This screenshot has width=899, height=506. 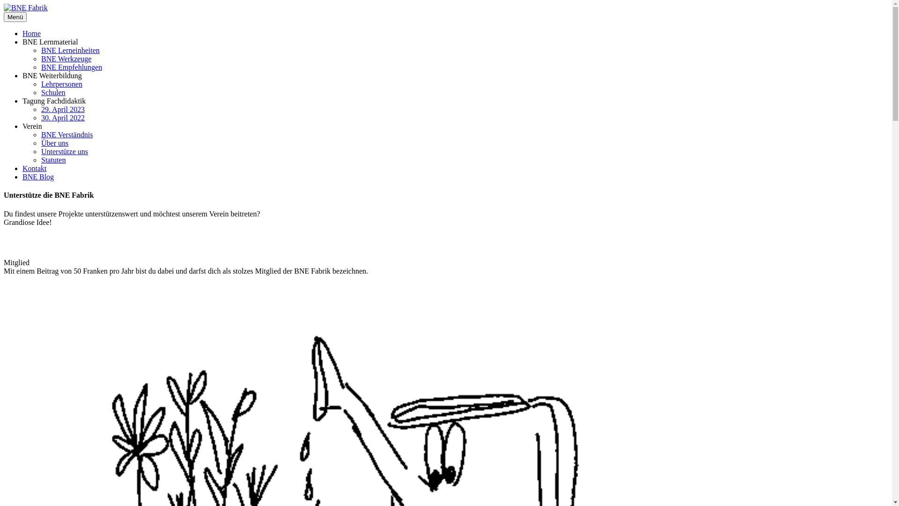 What do you see at coordinates (71, 67) in the screenshot?
I see `'BNE Empfehlungen'` at bounding box center [71, 67].